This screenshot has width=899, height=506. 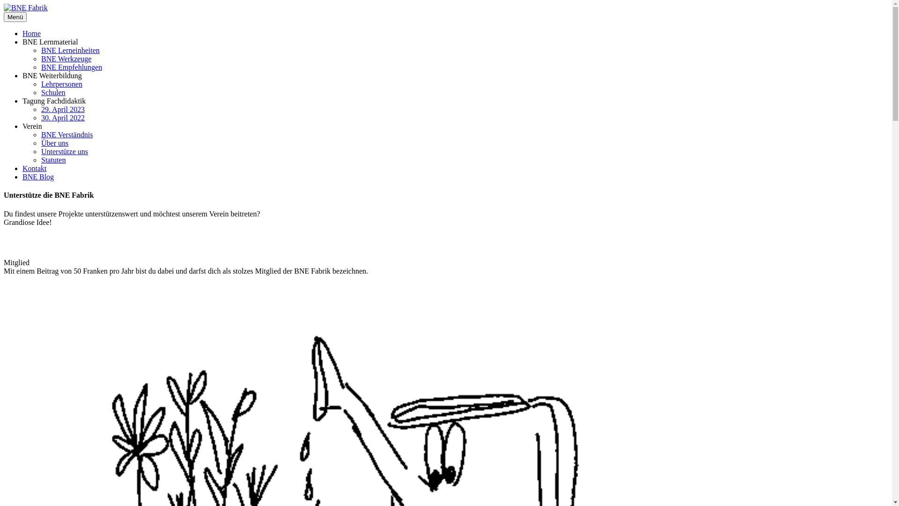 What do you see at coordinates (71, 67) in the screenshot?
I see `'BNE Empfehlungen'` at bounding box center [71, 67].